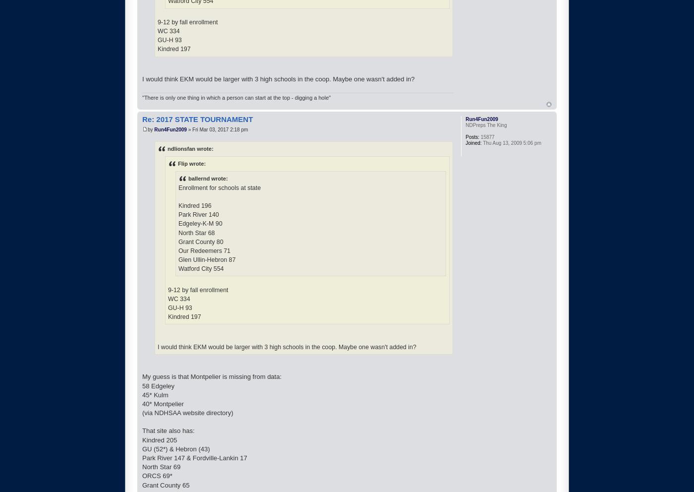  I want to click on 'Park River 140', so click(198, 214).